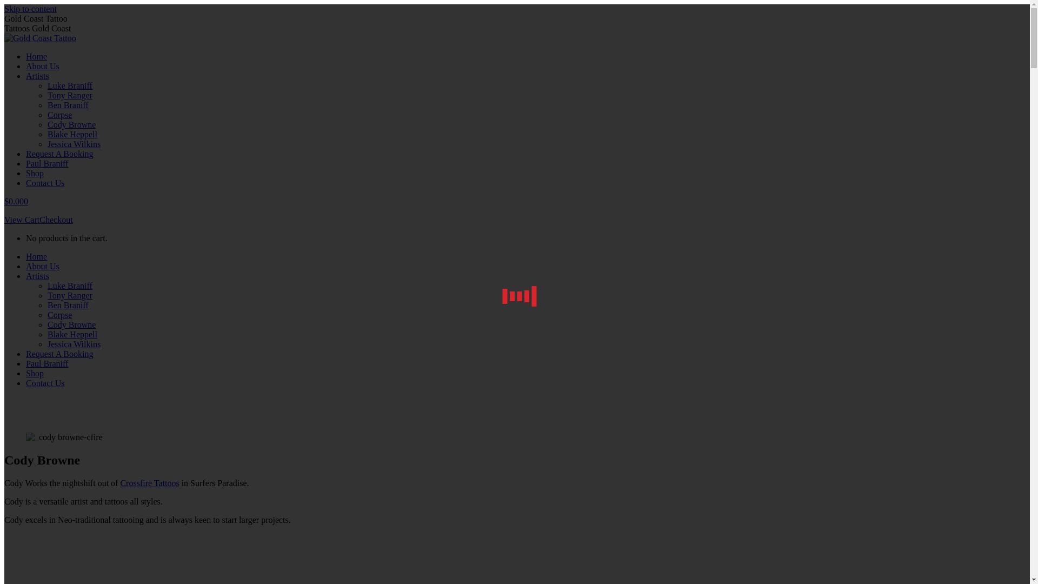  Describe the element at coordinates (4, 201) in the screenshot. I see `'$0.000'` at that location.